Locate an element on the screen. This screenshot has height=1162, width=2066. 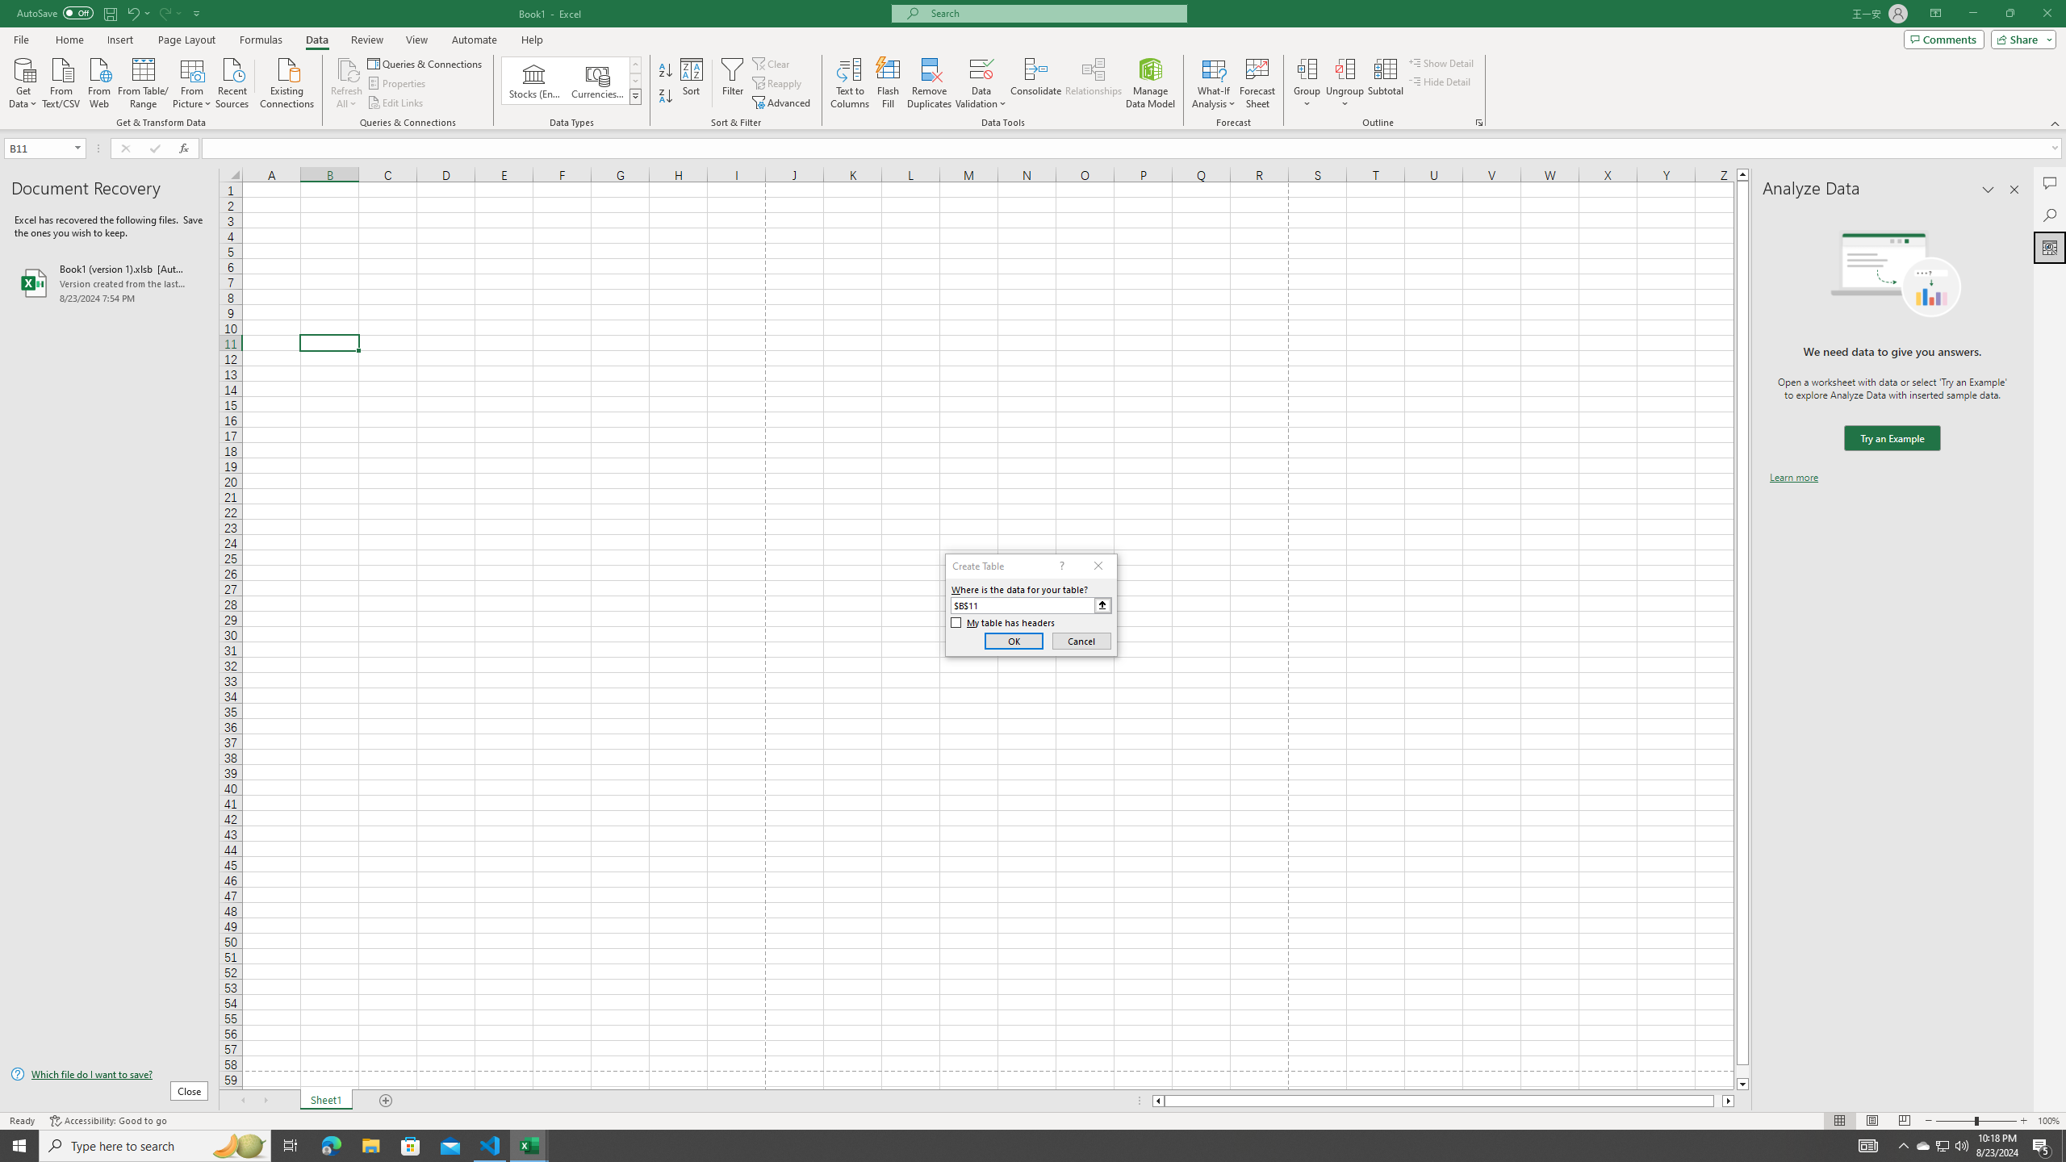
'Learn more' is located at coordinates (1793, 476).